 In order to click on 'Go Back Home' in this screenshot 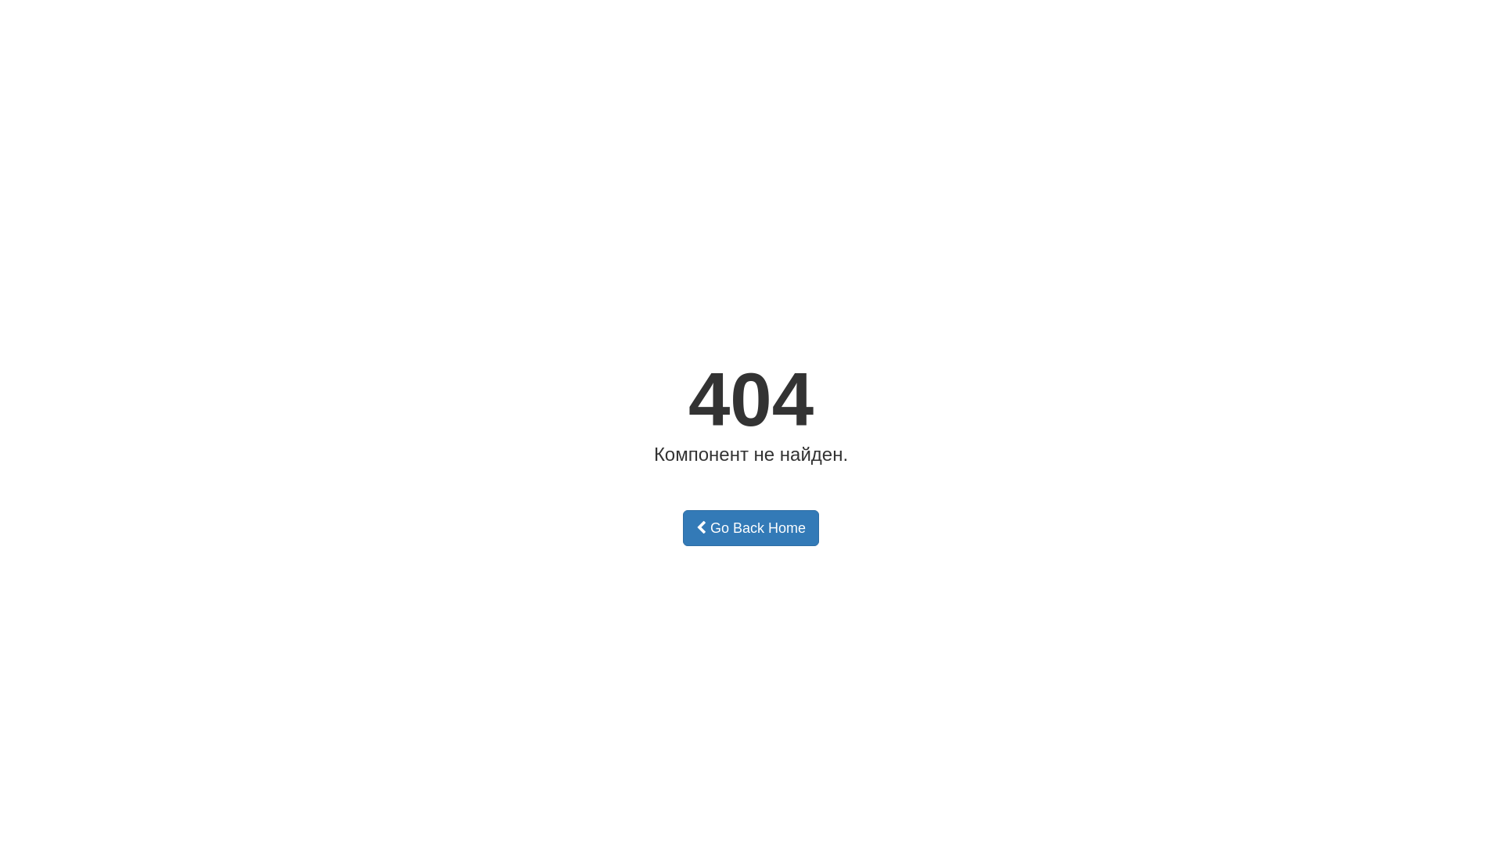, I will do `click(751, 528)`.